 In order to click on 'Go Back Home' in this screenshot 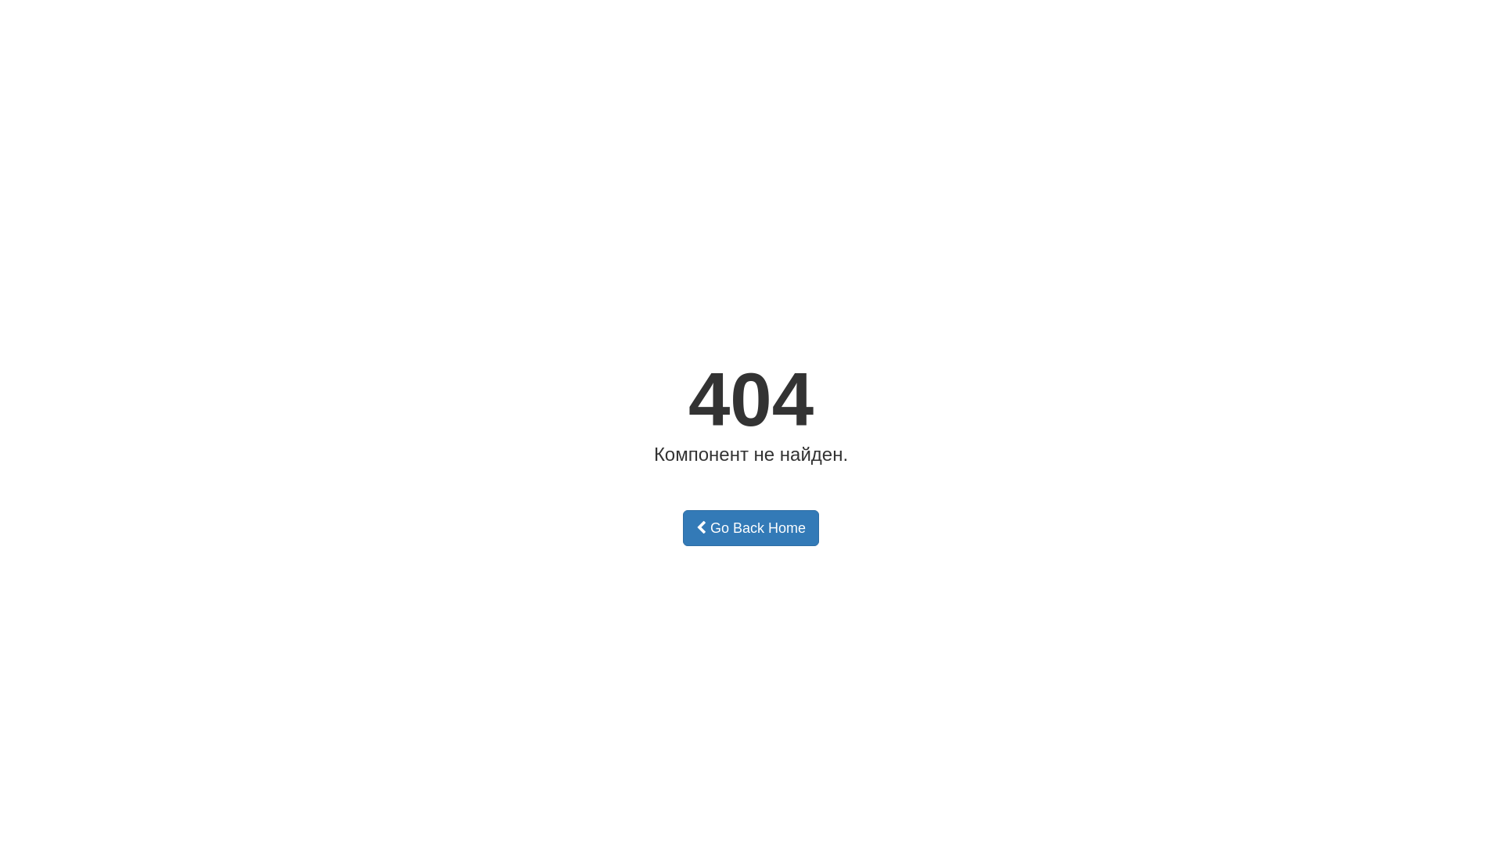, I will do `click(751, 528)`.